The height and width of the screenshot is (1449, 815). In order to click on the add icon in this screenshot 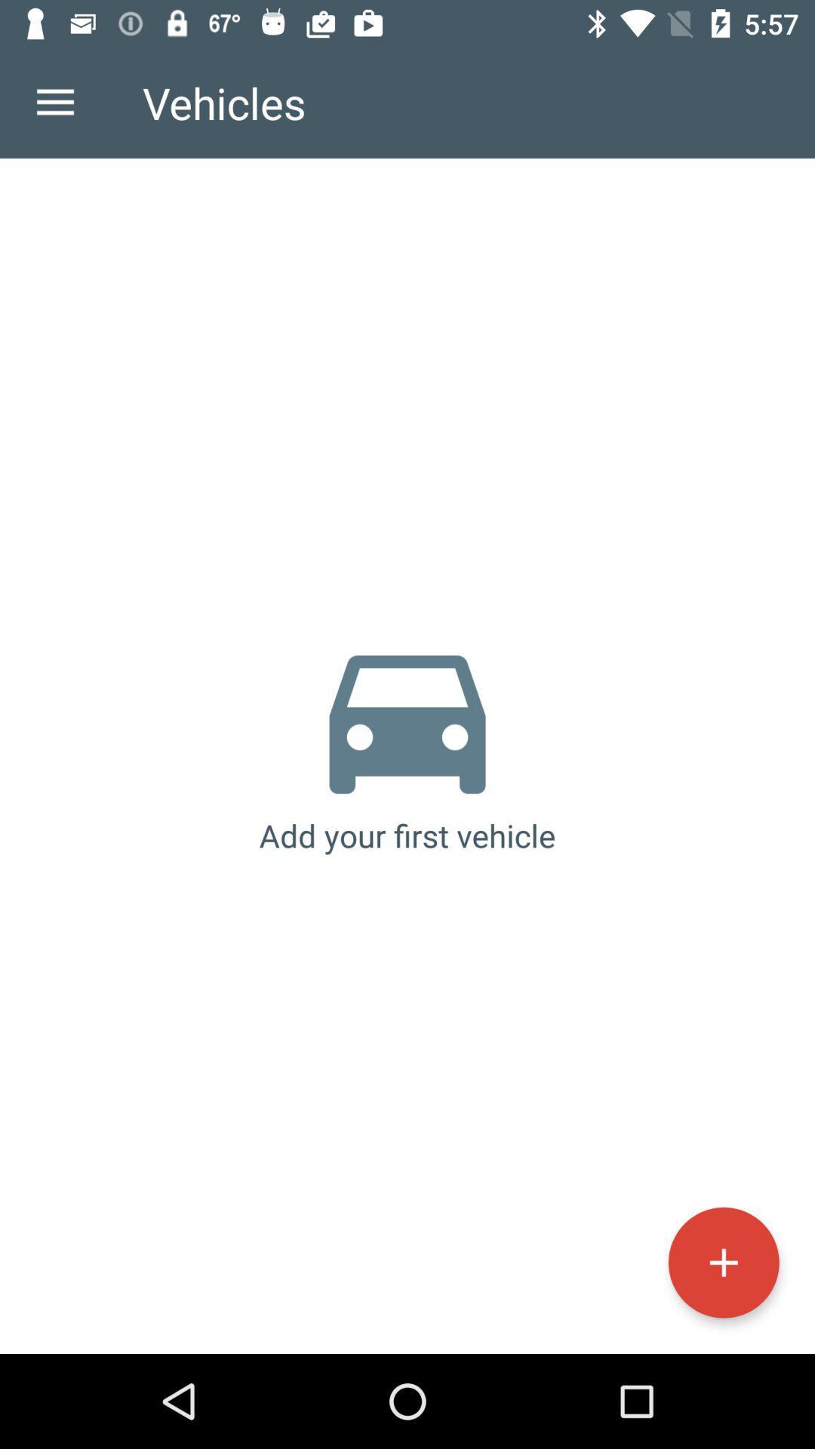, I will do `click(723, 1263)`.